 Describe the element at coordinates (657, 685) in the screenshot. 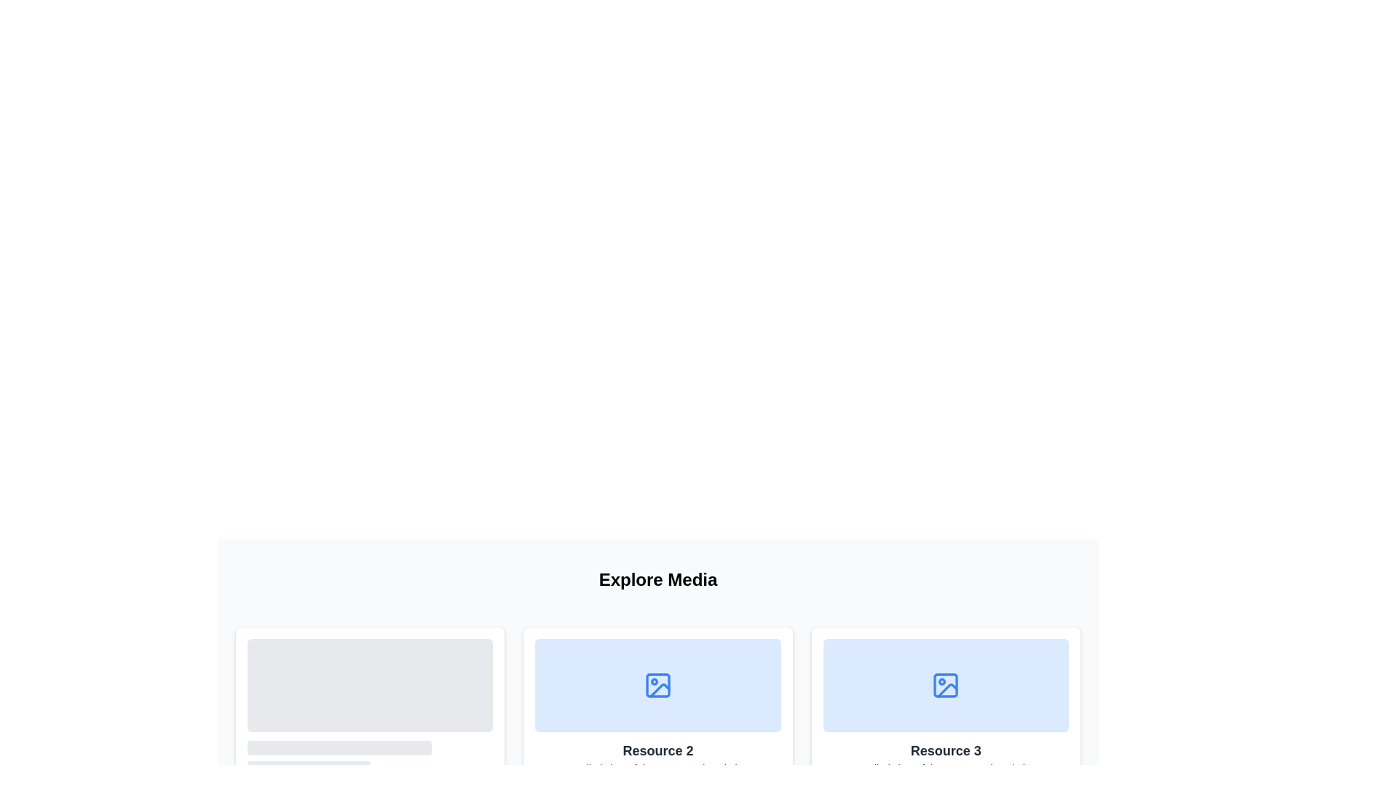

I see `the blue icon resembling an image symbol, located within the blue-themed card labeled 'Resource 2'` at that location.